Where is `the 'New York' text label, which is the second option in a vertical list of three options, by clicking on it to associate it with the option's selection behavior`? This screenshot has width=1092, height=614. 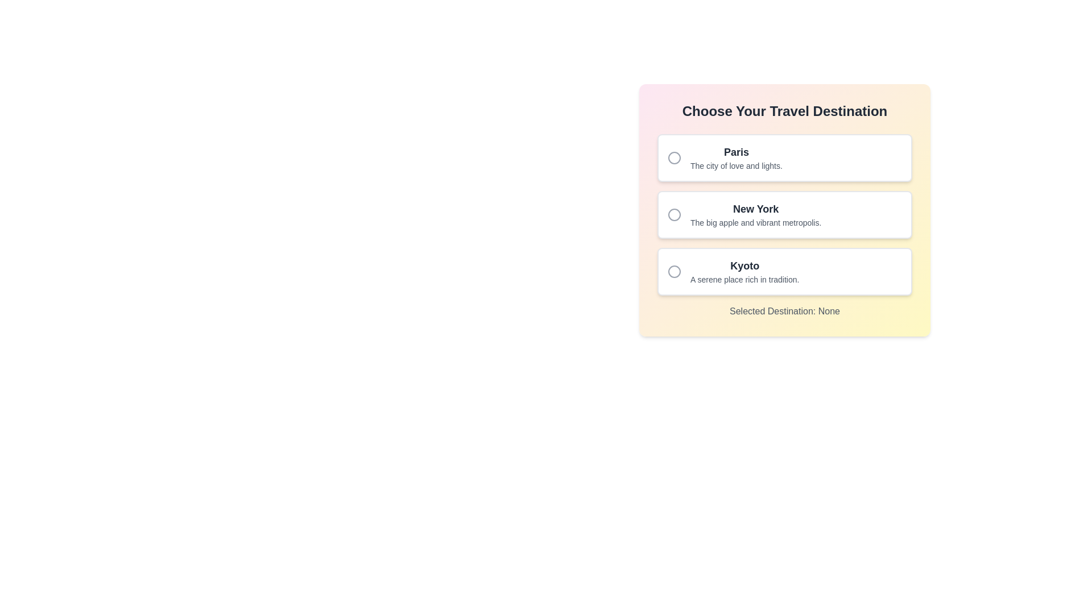 the 'New York' text label, which is the second option in a vertical list of three options, by clicking on it to associate it with the option's selection behavior is located at coordinates (756, 215).